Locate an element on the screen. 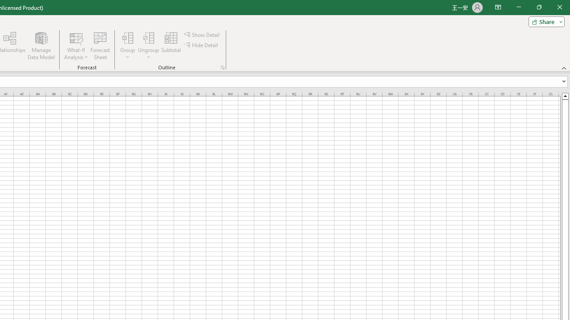 This screenshot has width=570, height=320. 'Share' is located at coordinates (544, 21).